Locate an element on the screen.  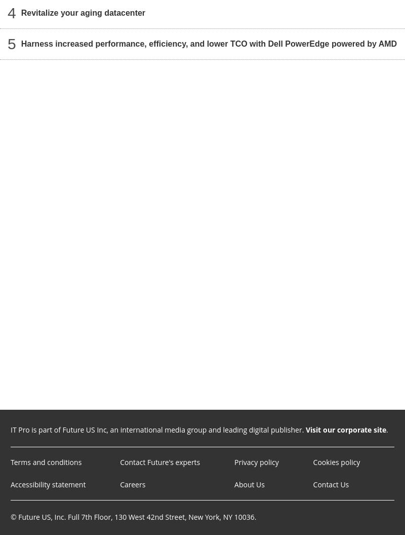
'Terms and conditions' is located at coordinates (46, 461).